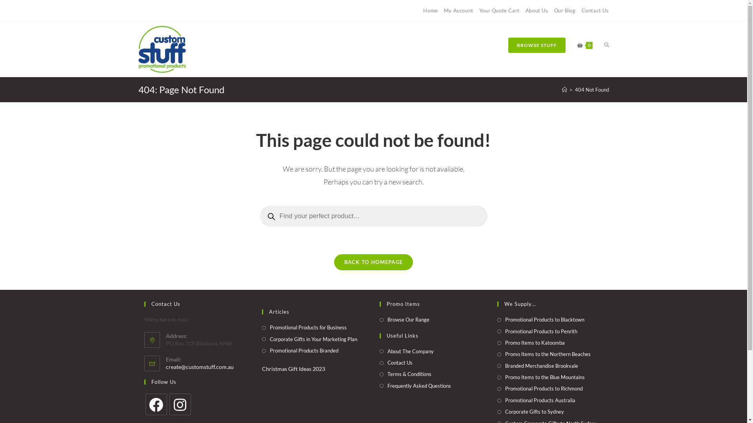  Describe the element at coordinates (584, 45) in the screenshot. I see `'0'` at that location.